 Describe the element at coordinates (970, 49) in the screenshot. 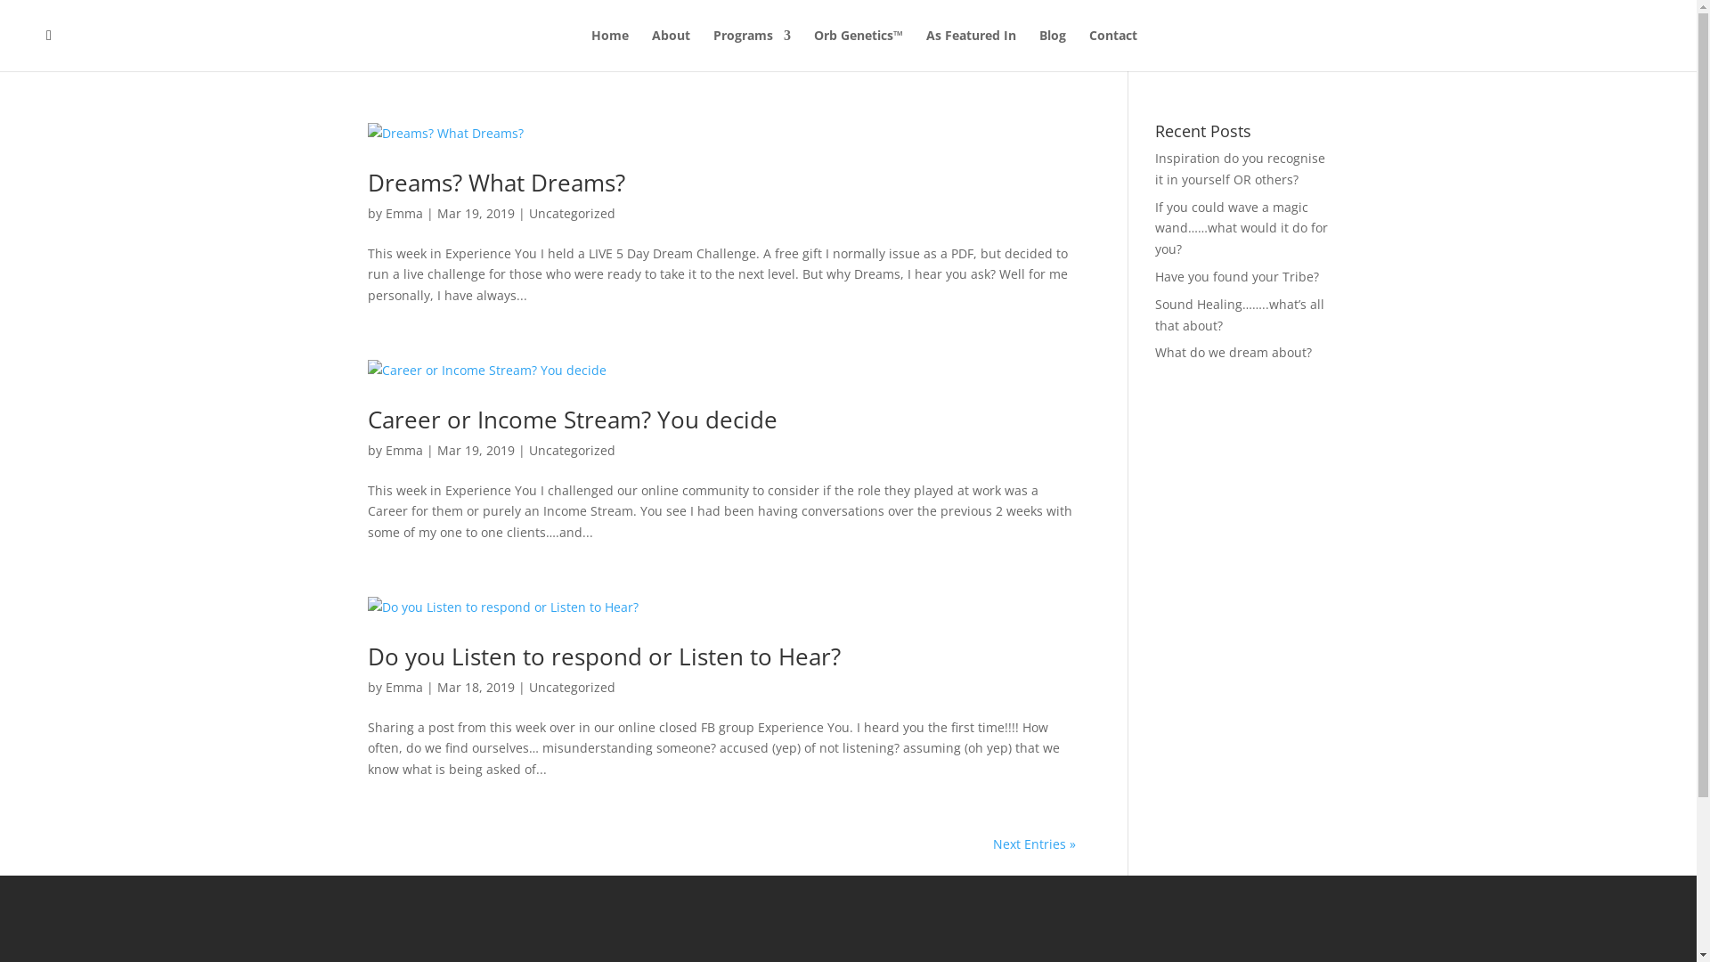

I see `'As Featured In'` at that location.